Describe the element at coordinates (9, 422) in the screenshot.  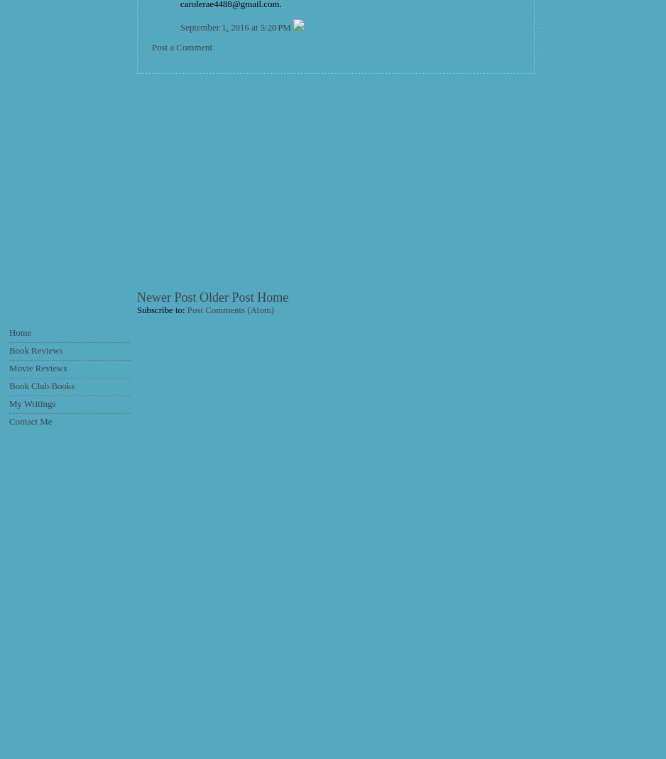
I see `'Contact Me'` at that location.